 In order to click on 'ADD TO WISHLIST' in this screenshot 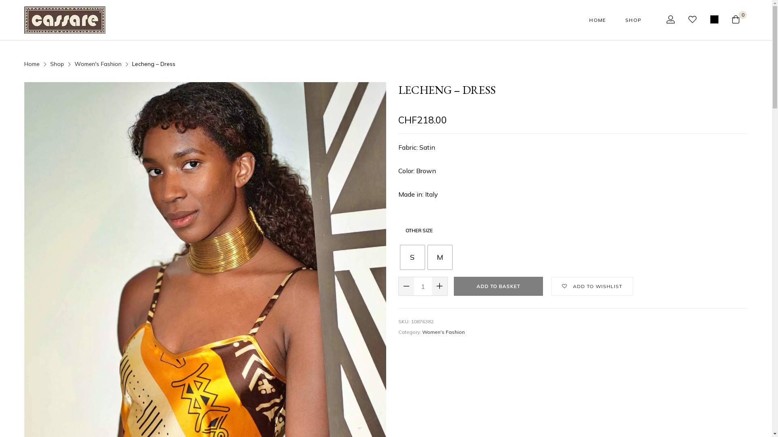, I will do `click(592, 286)`.